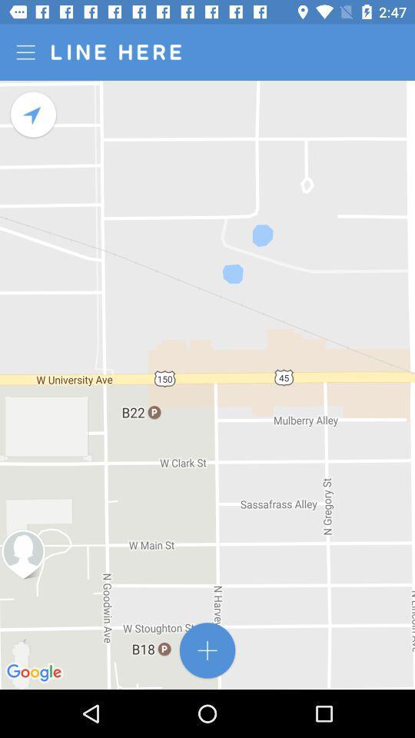 Image resolution: width=415 pixels, height=738 pixels. Describe the element at coordinates (207, 650) in the screenshot. I see `the add icon` at that location.